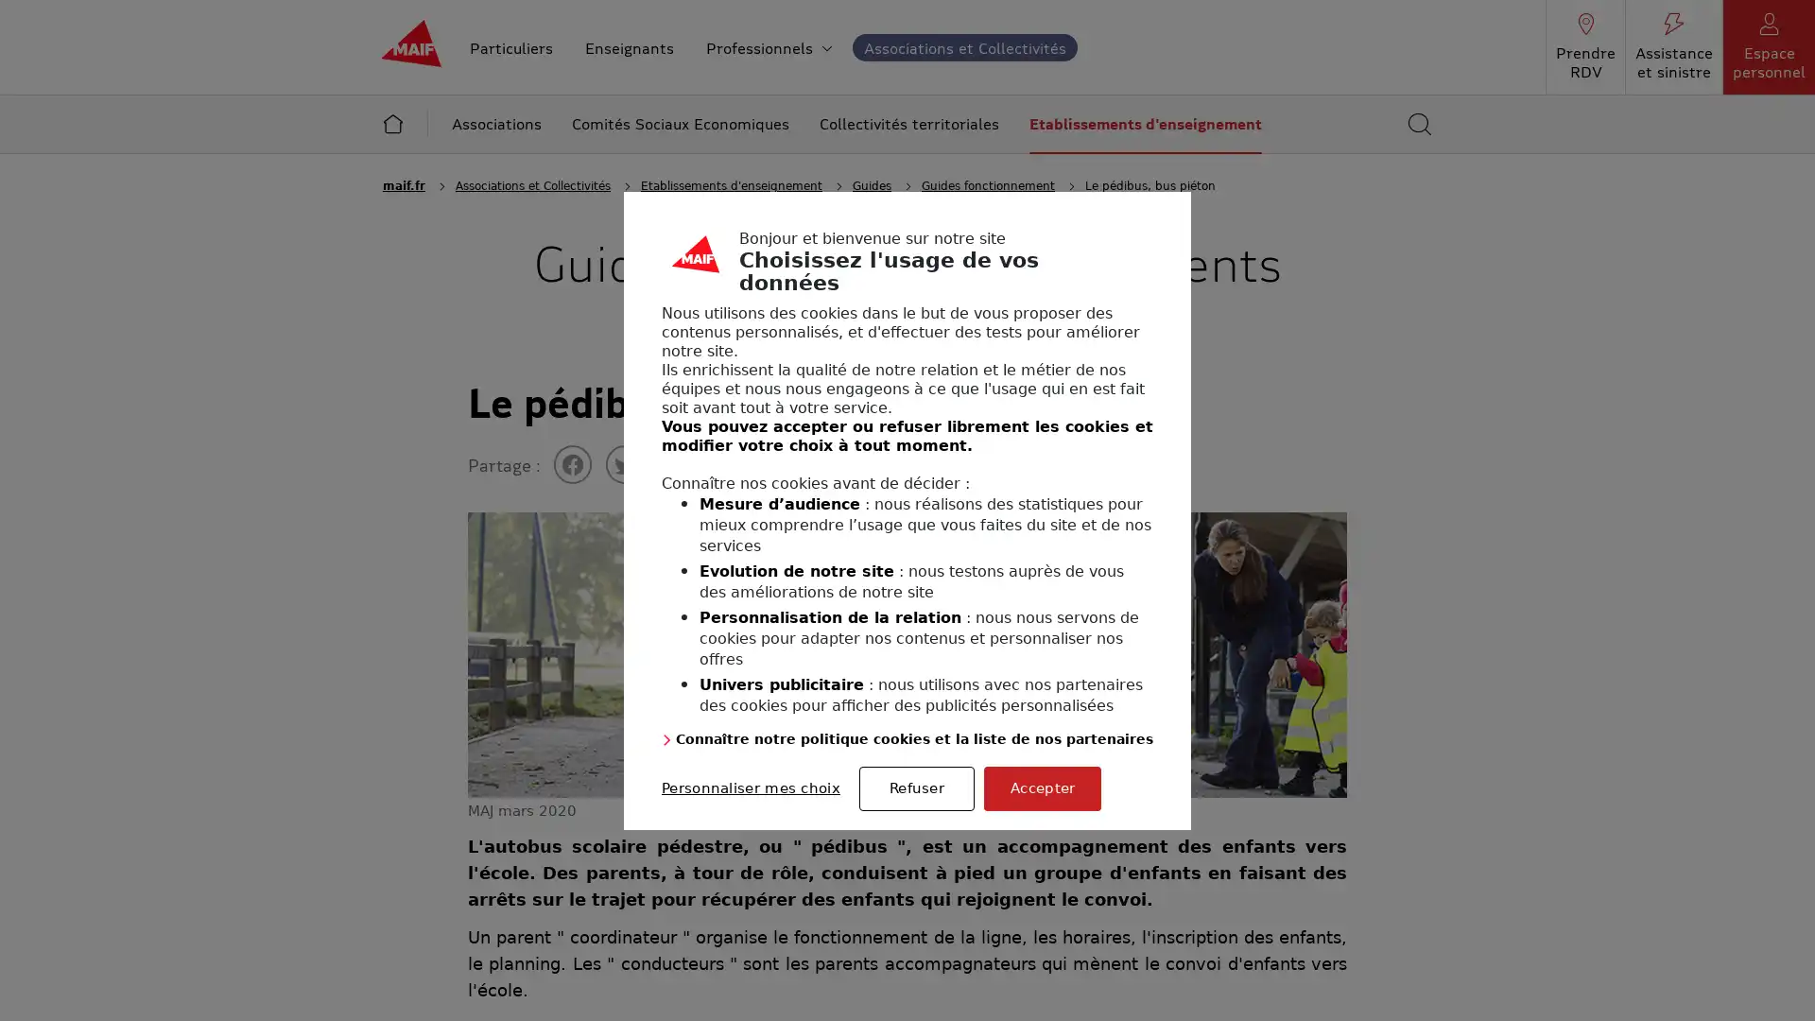 The width and height of the screenshot is (1815, 1021). I want to click on Ouvrir la recherche, so click(1420, 124).